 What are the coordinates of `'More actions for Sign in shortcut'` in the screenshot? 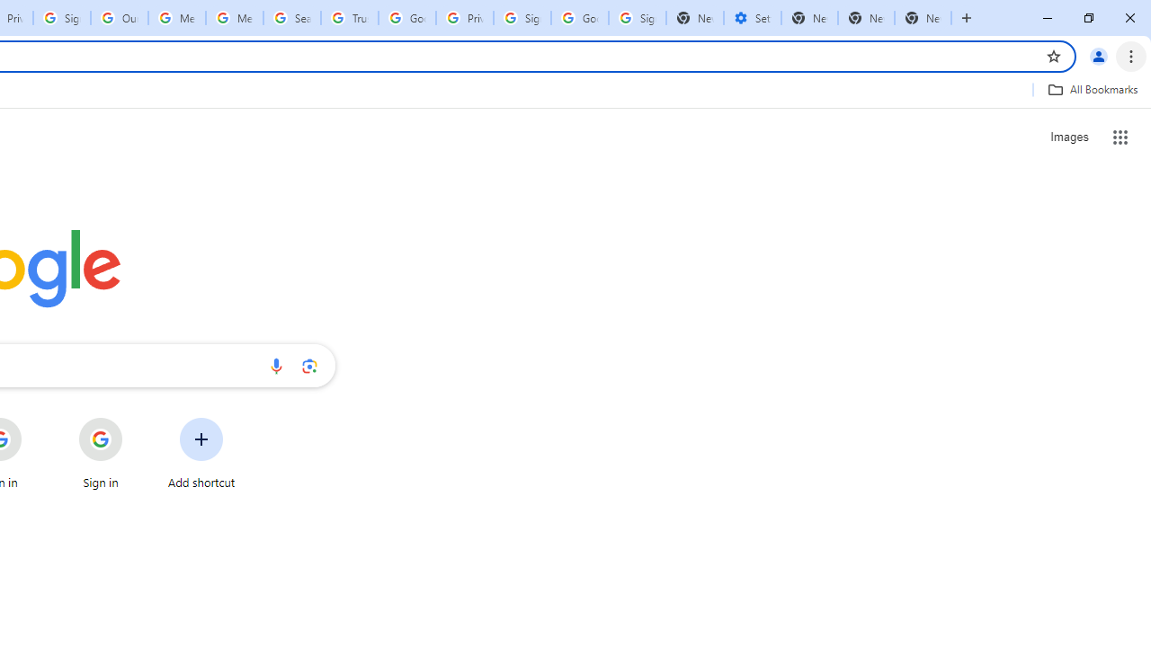 It's located at (136, 419).